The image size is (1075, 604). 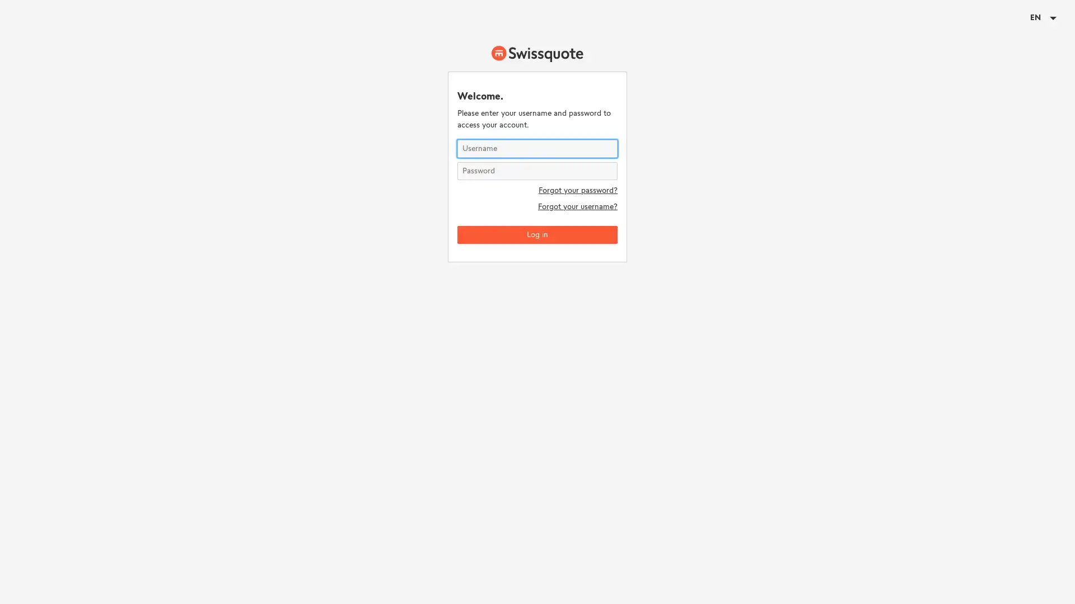 I want to click on Log in, so click(x=537, y=234).